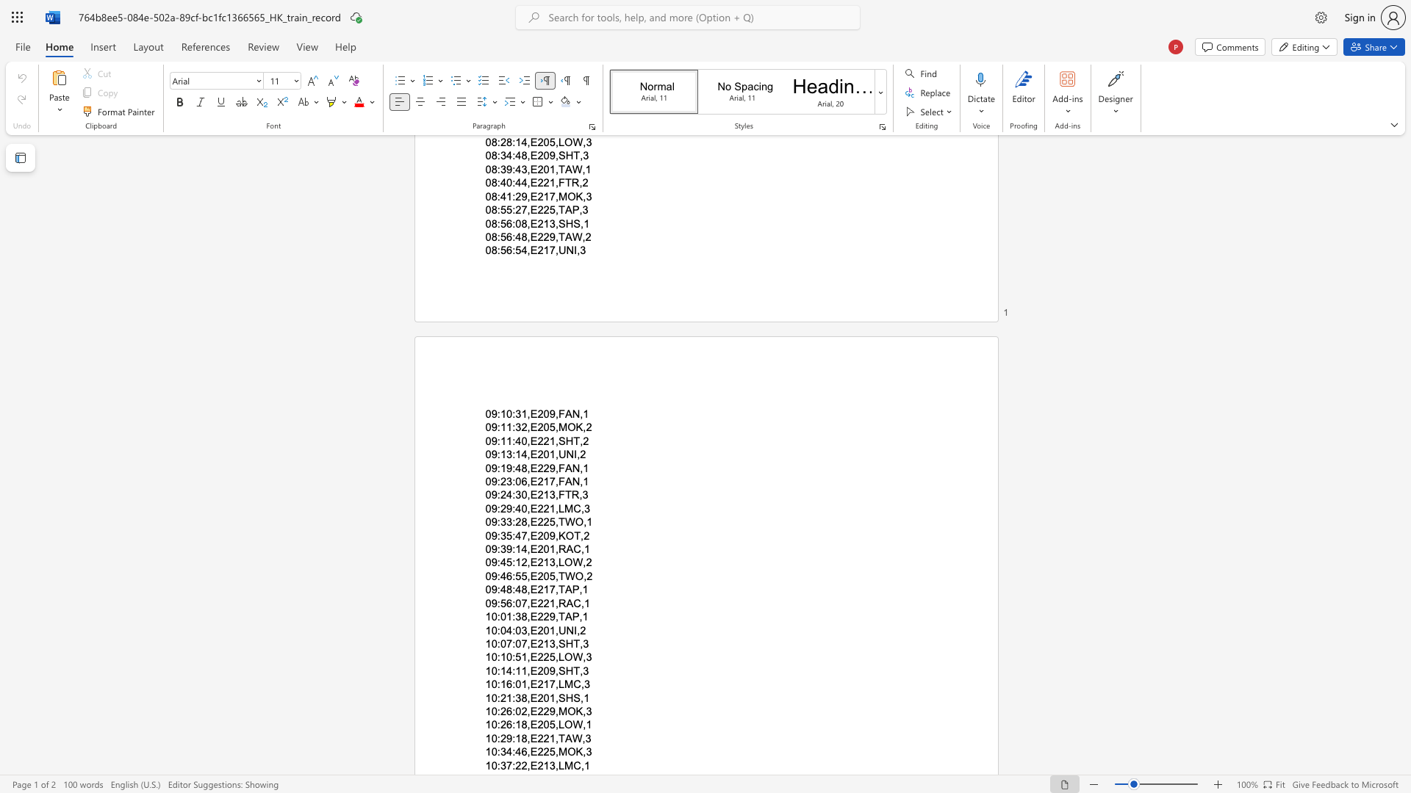  Describe the element at coordinates (548, 617) in the screenshot. I see `the subset text "9,TAP,1" within the text "10:01:38,E229,TAP,1"` at that location.